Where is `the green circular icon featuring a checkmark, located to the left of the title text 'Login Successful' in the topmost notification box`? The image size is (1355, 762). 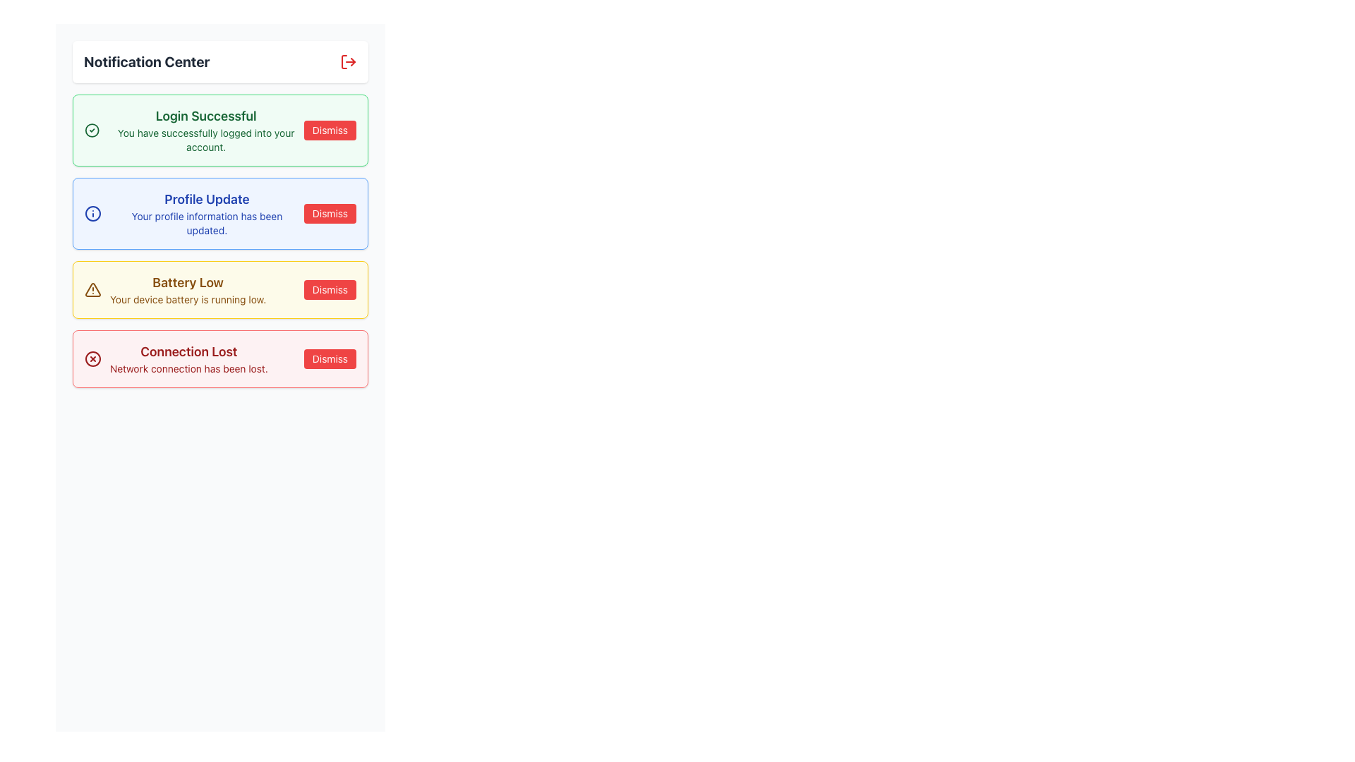
the green circular icon featuring a checkmark, located to the left of the title text 'Login Successful' in the topmost notification box is located at coordinates (91, 131).